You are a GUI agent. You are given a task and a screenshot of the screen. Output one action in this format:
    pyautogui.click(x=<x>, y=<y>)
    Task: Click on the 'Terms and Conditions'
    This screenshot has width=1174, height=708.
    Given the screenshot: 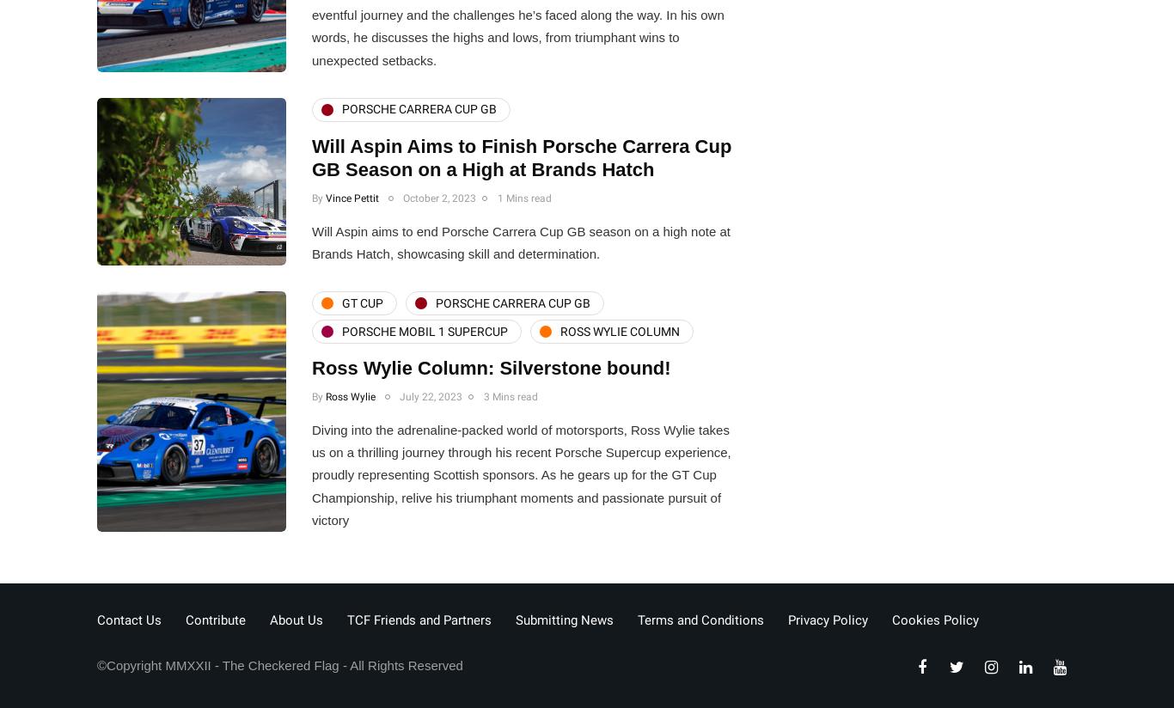 What is the action you would take?
    pyautogui.click(x=700, y=619)
    